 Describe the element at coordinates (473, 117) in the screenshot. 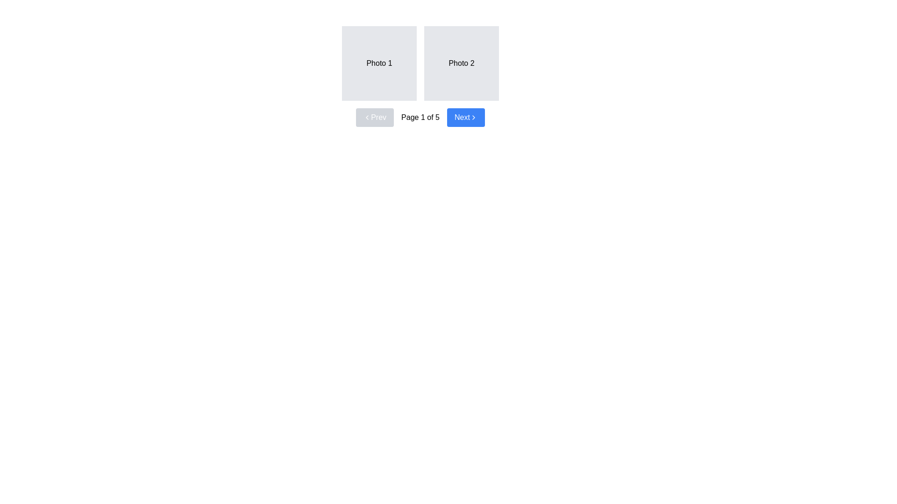

I see `the right-facing chevron icon integrated into the 'Next' button with a blue background and white text` at that location.